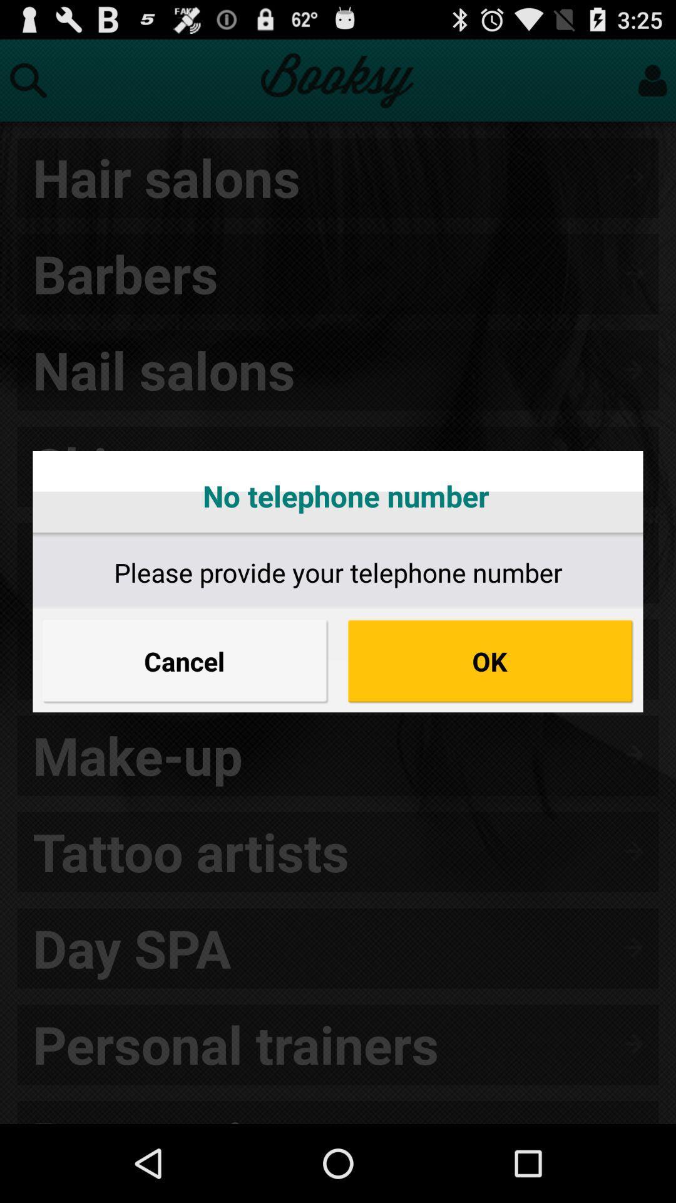 Image resolution: width=676 pixels, height=1203 pixels. I want to click on icon to the left of ok item, so click(185, 660).